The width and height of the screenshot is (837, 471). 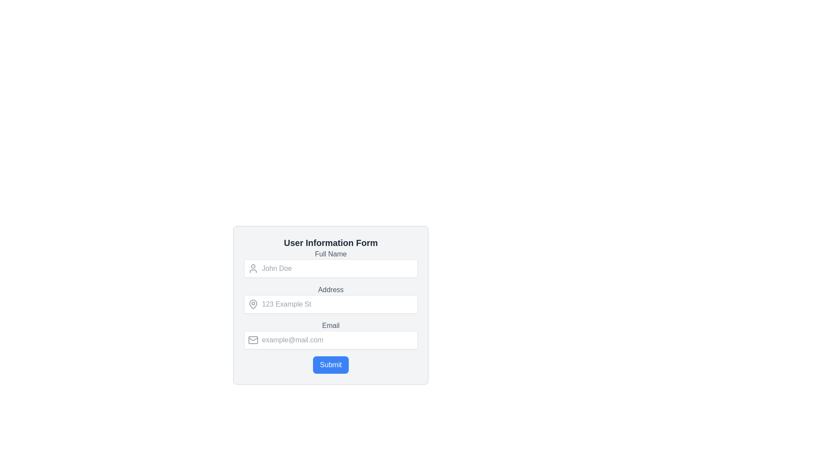 What do you see at coordinates (252, 304) in the screenshot?
I see `the location indicator icon adjacent to the 'Address' input field to enhance context` at bounding box center [252, 304].